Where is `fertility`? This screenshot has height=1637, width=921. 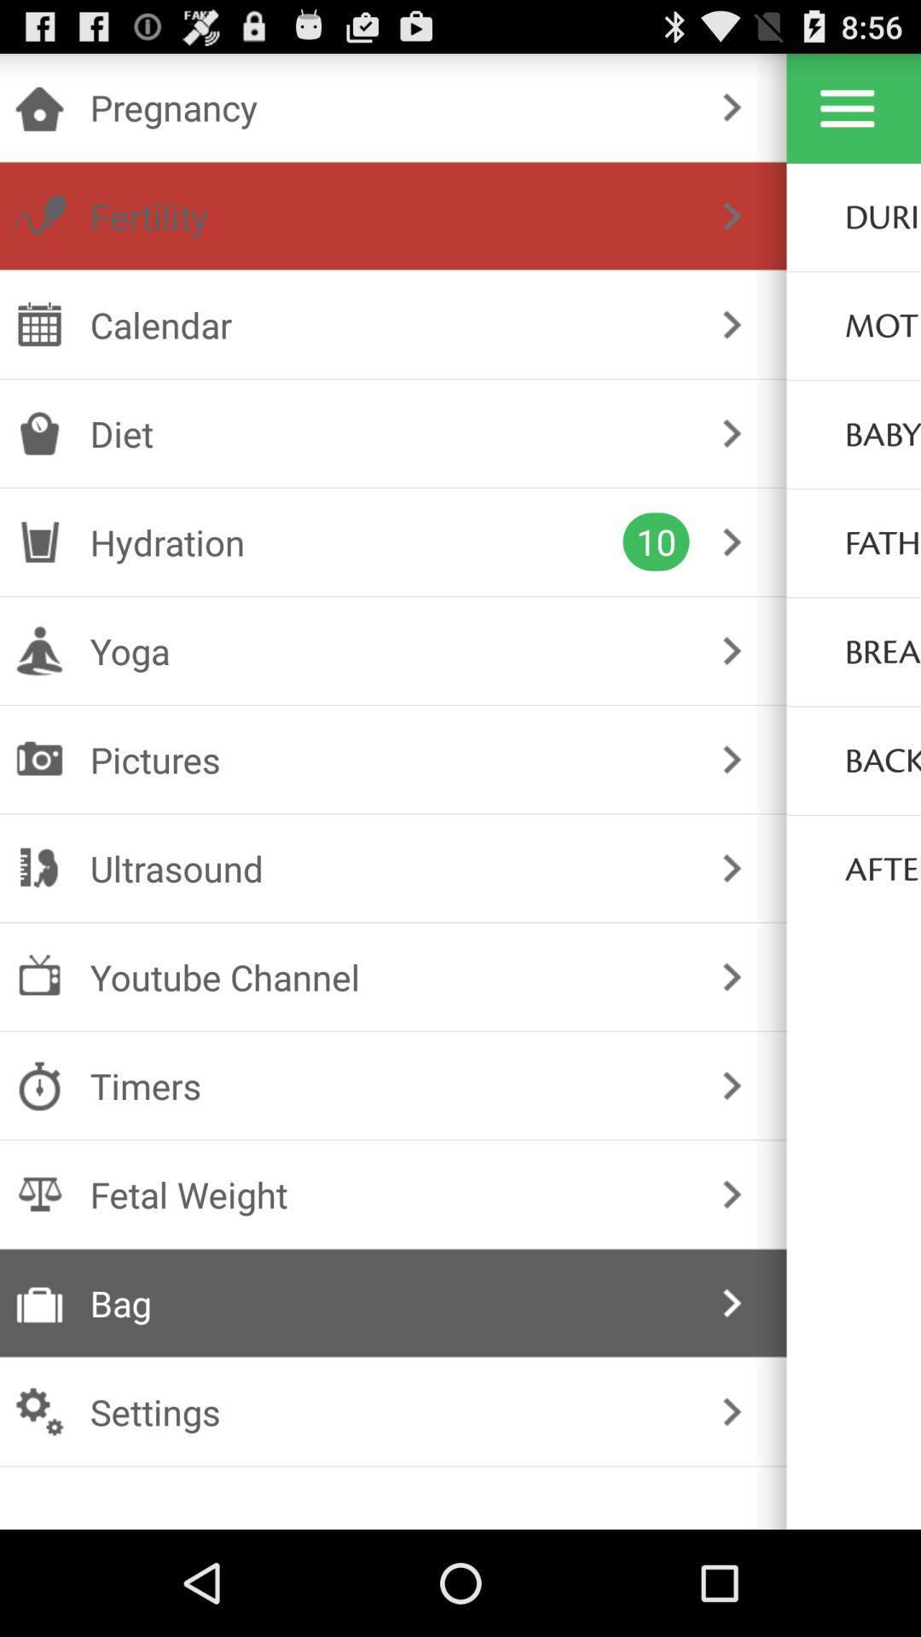
fertility is located at coordinates (390, 215).